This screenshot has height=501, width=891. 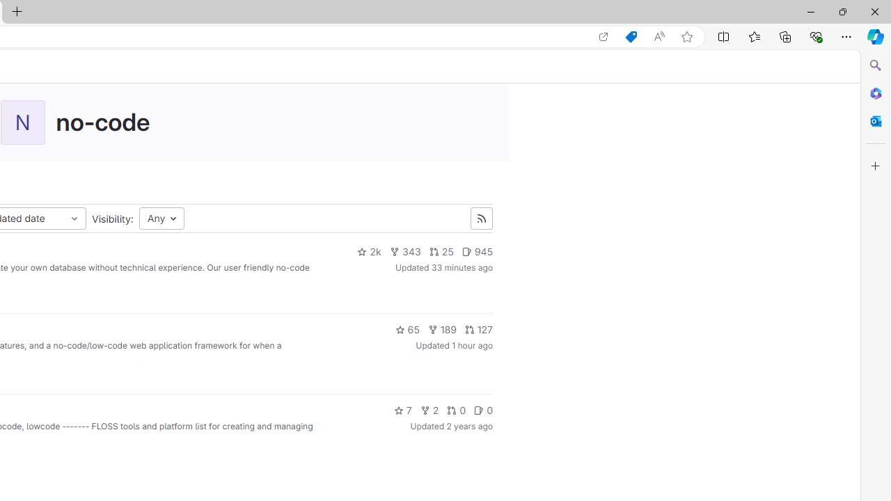 I want to click on 'Class: s14 gl-mr-2', so click(x=479, y=409).